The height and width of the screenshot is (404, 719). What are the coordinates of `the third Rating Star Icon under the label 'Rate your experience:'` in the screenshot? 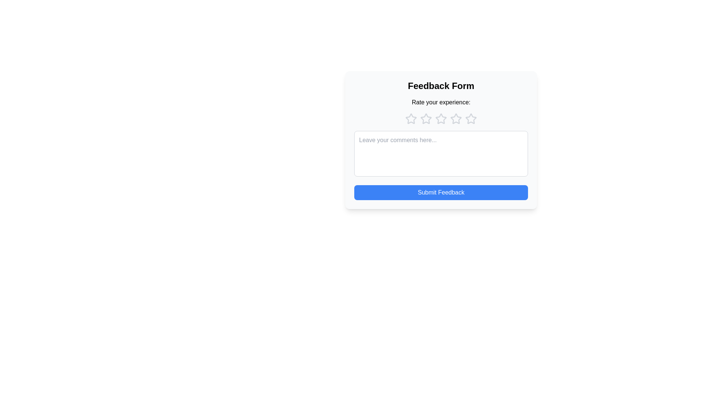 It's located at (440, 118).